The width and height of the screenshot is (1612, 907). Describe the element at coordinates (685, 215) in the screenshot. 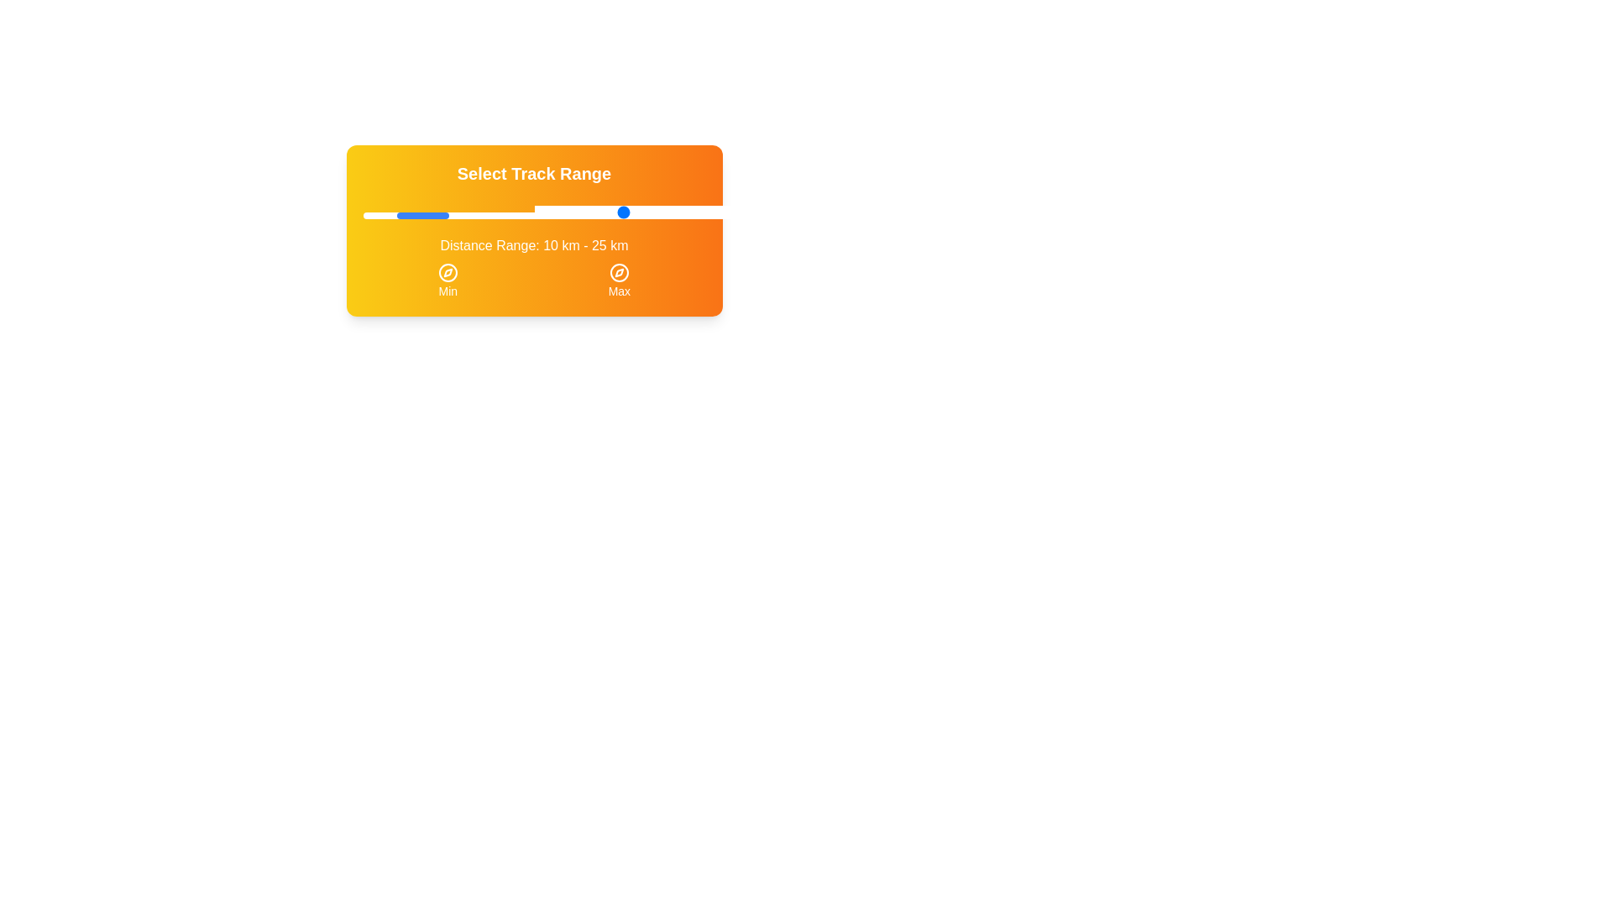

I see `the range slider's value` at that location.